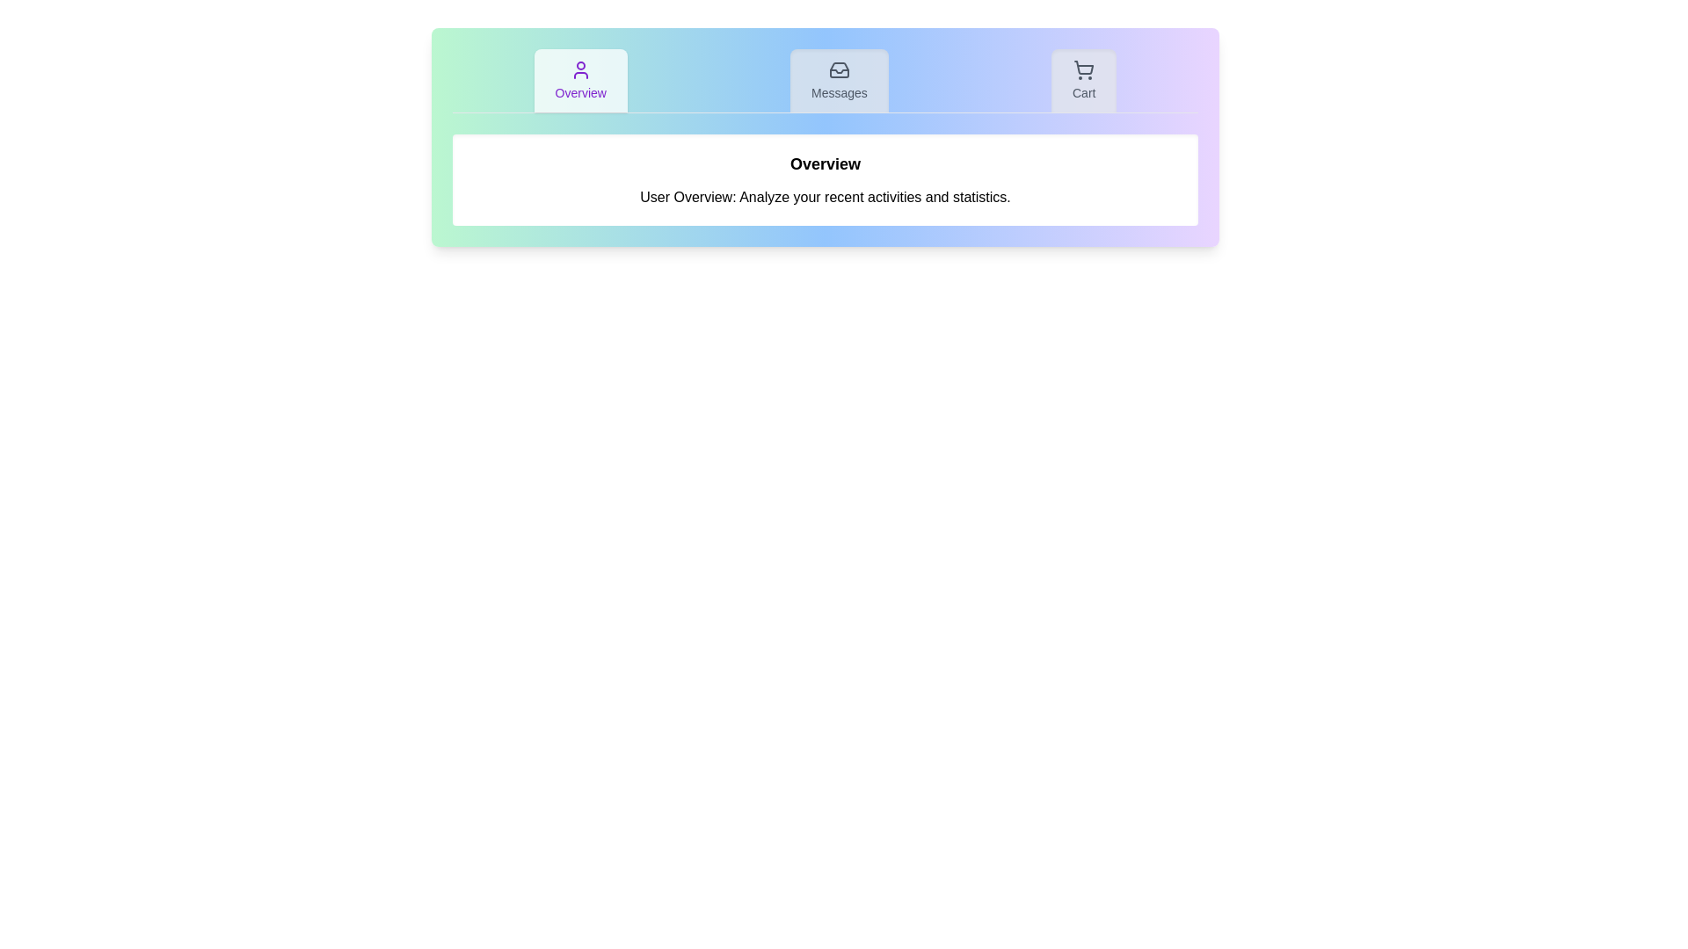 Image resolution: width=1688 pixels, height=949 pixels. What do you see at coordinates (580, 81) in the screenshot?
I see `the Overview tab by clicking on its button` at bounding box center [580, 81].